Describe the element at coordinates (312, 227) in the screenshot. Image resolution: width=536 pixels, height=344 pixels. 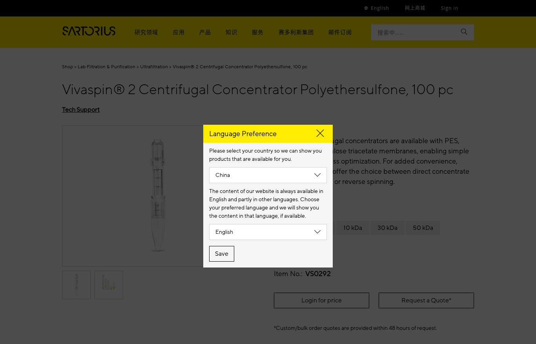
I see `'5 kDa'` at that location.